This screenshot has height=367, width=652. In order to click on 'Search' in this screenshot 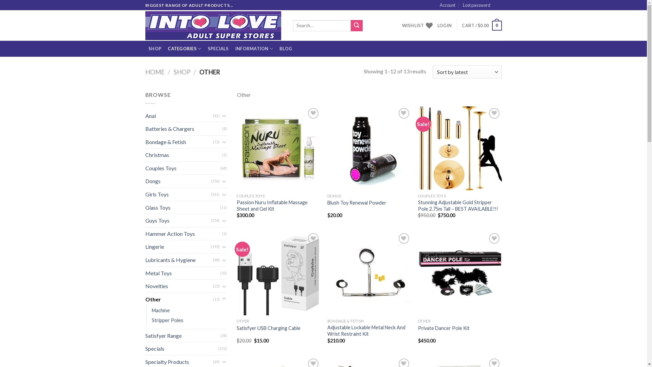, I will do `click(350, 25)`.